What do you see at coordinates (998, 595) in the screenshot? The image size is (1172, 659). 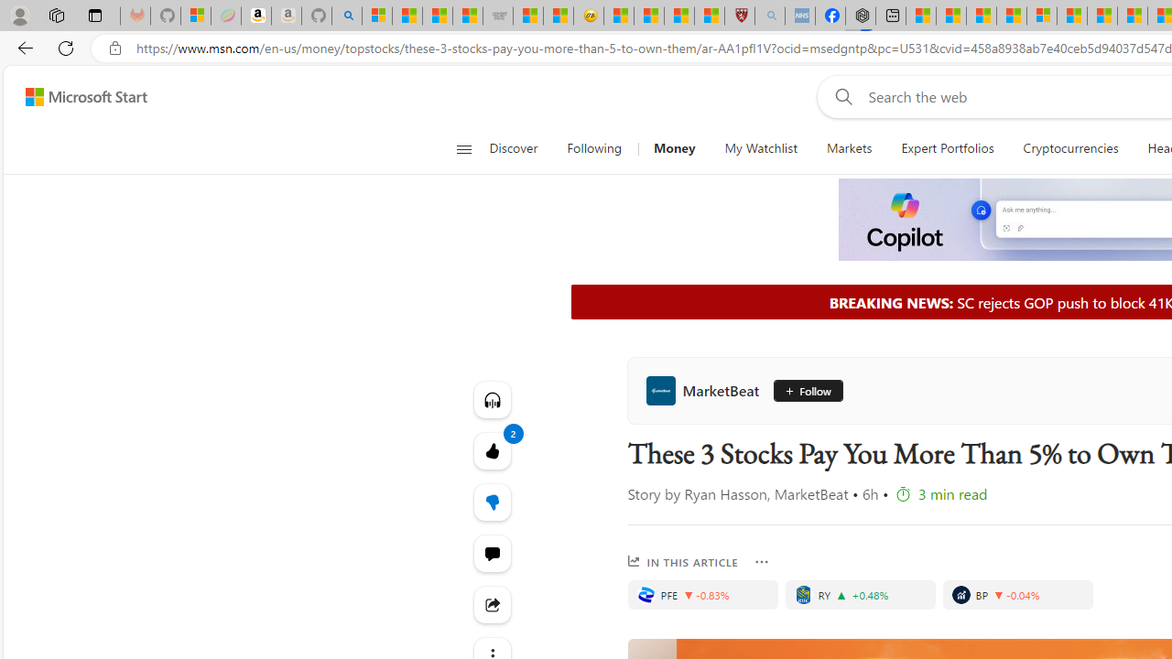 I see `'Price decrease'` at bounding box center [998, 595].